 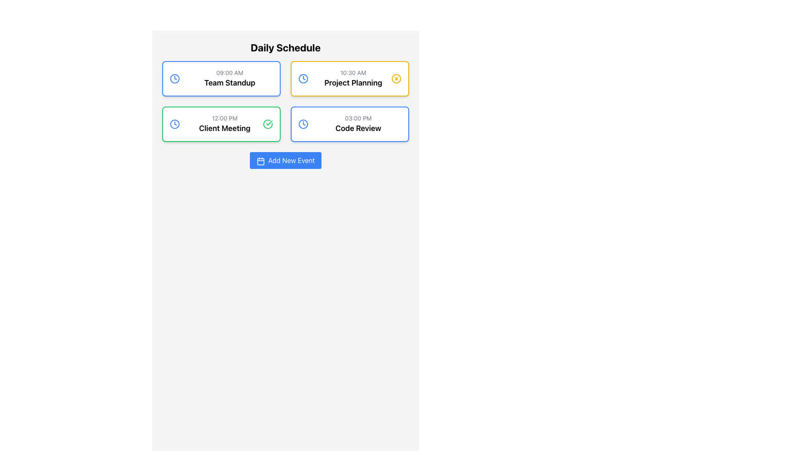 I want to click on the text block displaying 'Code Review' in a larger, bold font located in the bottom-right section of the grid layout, so click(x=358, y=124).